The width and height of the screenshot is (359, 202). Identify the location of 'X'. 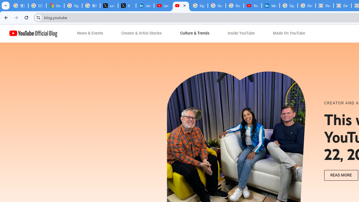
(127, 6).